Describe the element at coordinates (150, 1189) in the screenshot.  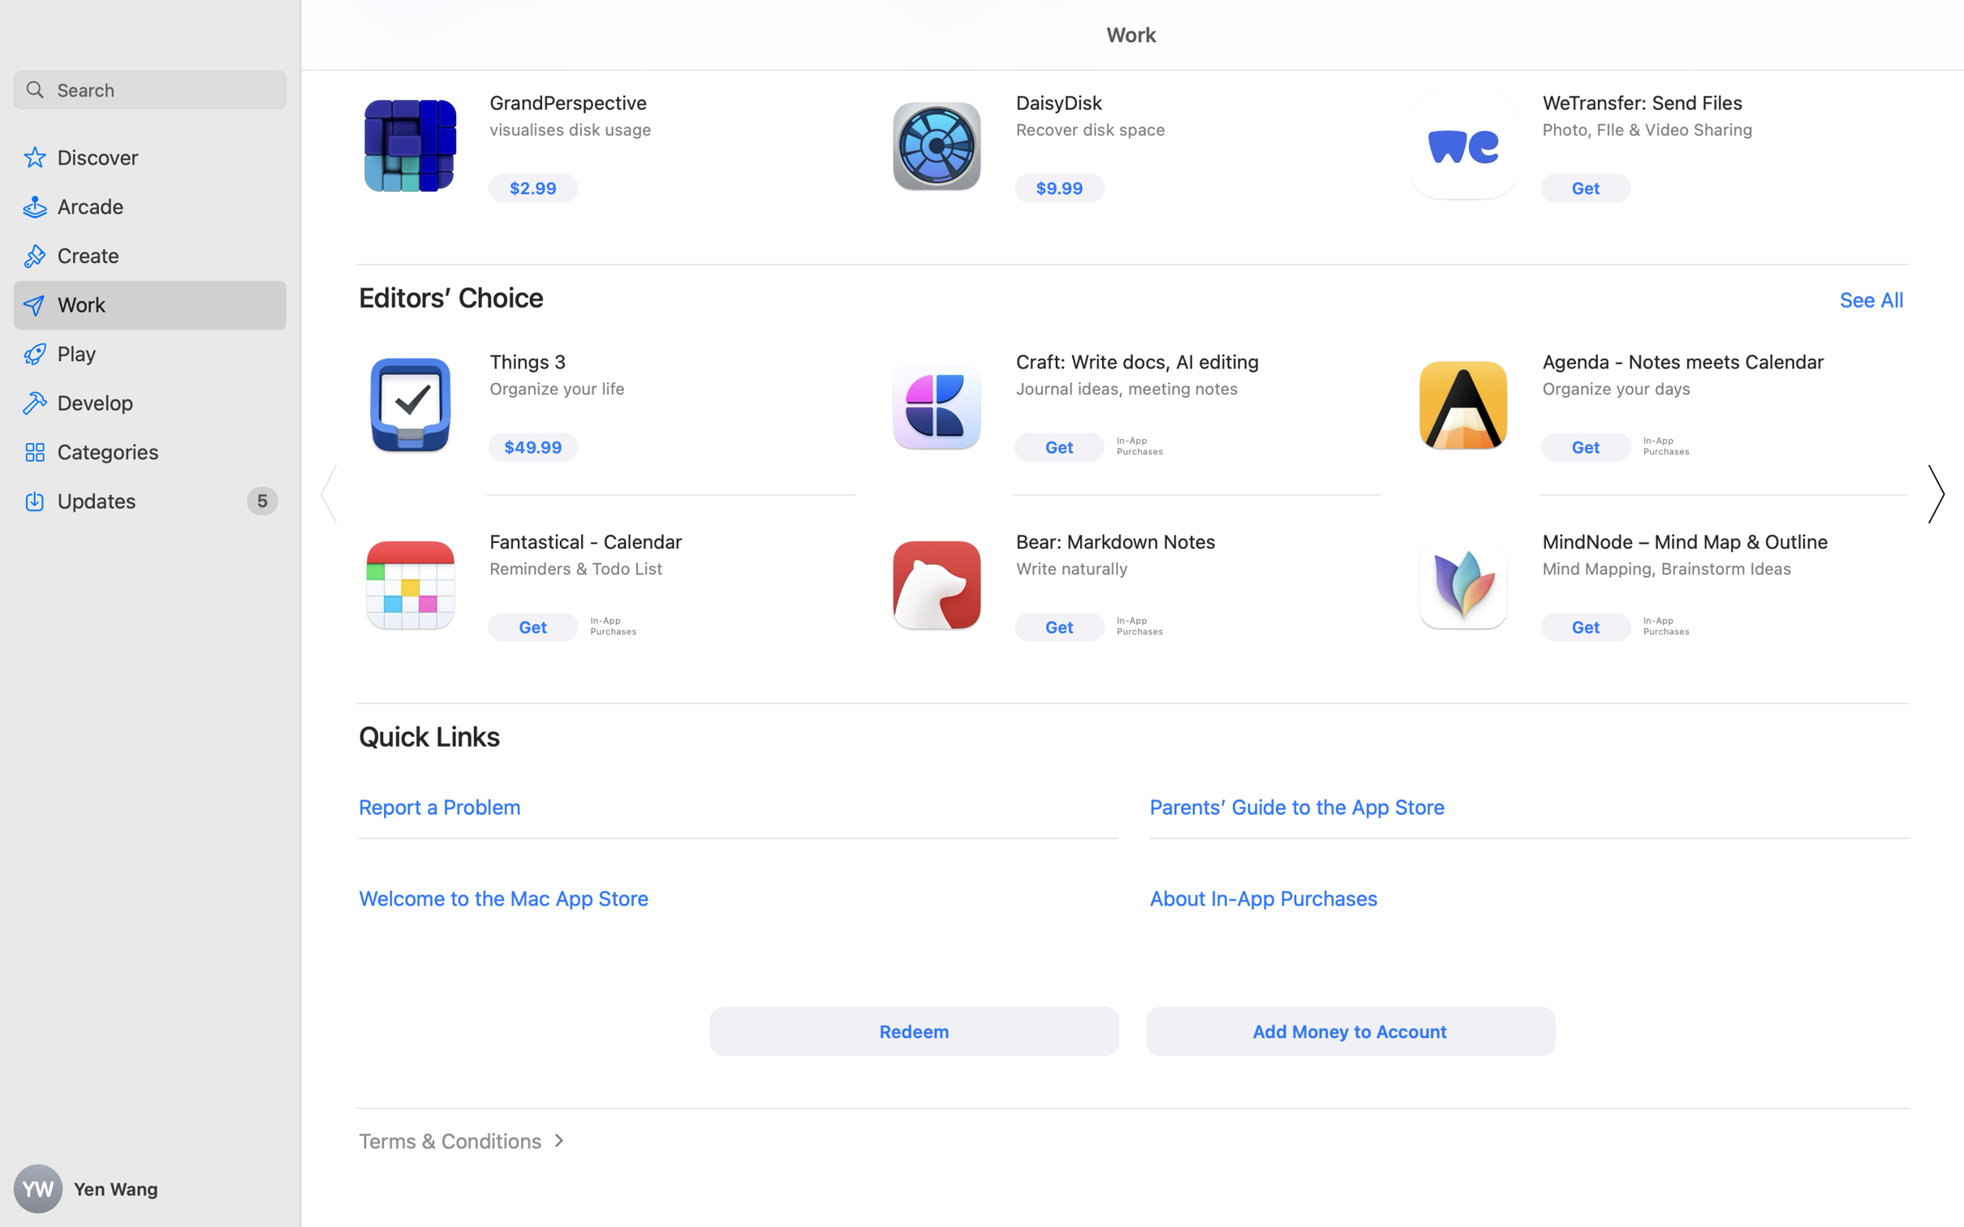
I see `'Yen Wang'` at that location.